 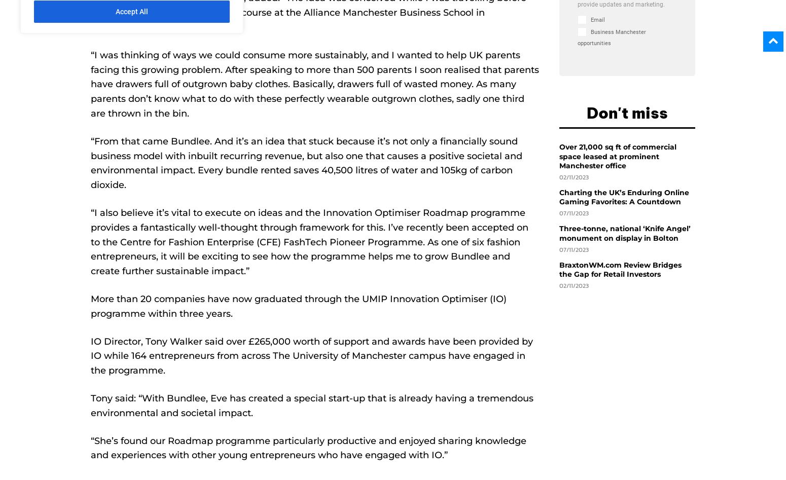 I want to click on 'Always Active', so click(x=179, y=133).